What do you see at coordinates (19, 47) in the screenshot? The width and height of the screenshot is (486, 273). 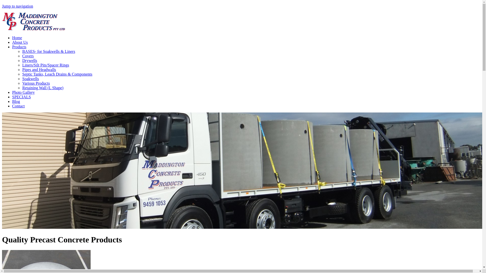 I see `'Products'` at bounding box center [19, 47].